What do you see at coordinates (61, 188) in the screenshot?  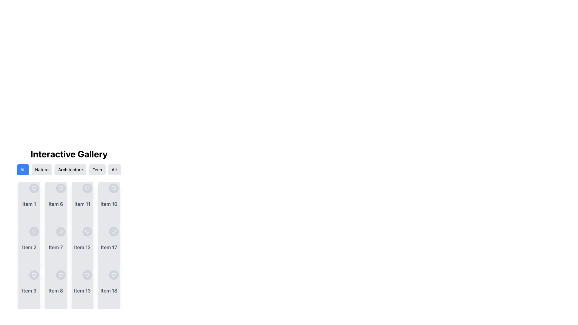 I see `the heart outline icon, which is the sixth item in the gallery interface` at bounding box center [61, 188].